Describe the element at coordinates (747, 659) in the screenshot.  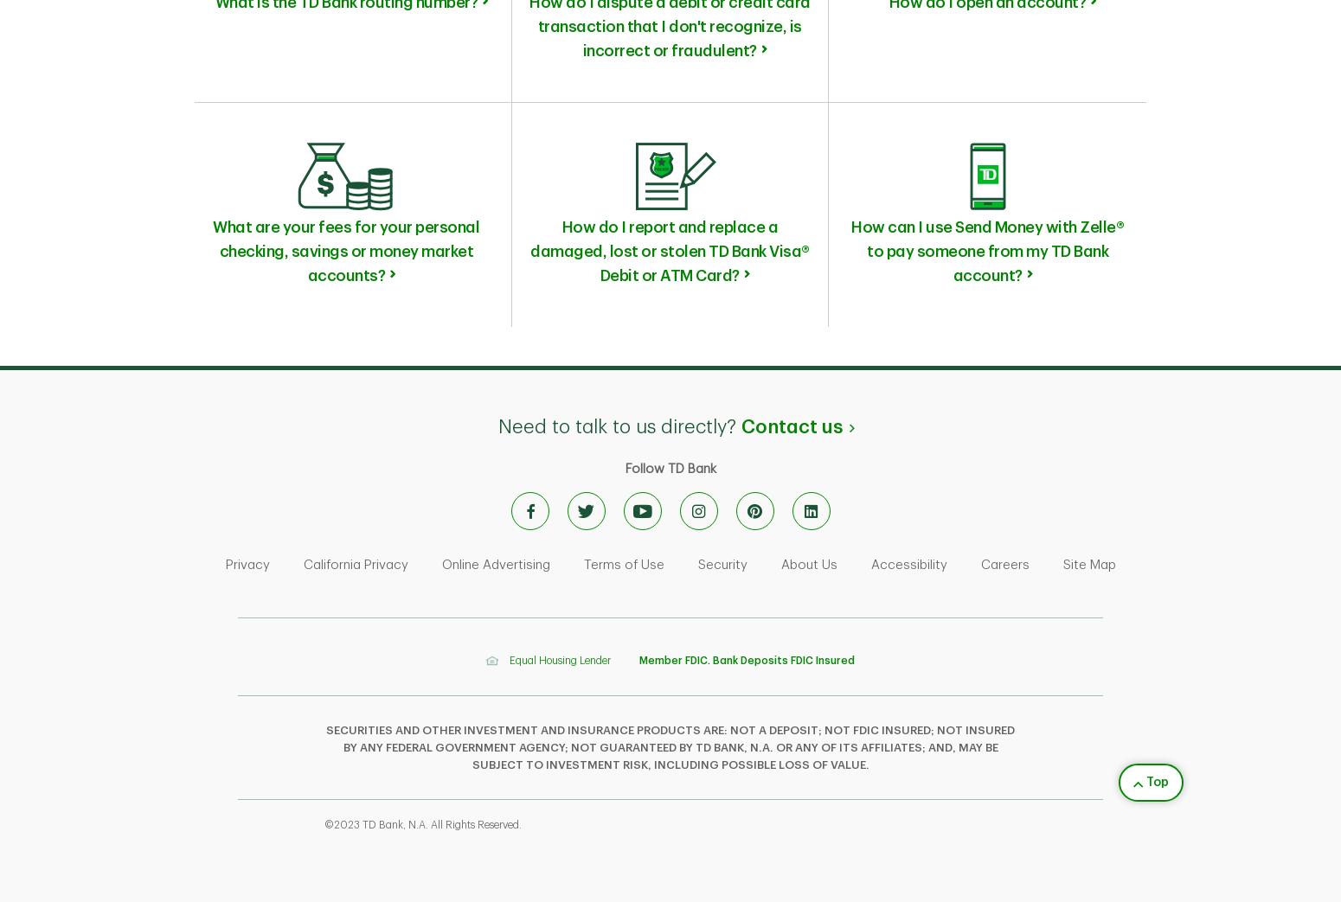
I see `'Member FDIC. Bank Deposits FDIC Insured'` at that location.